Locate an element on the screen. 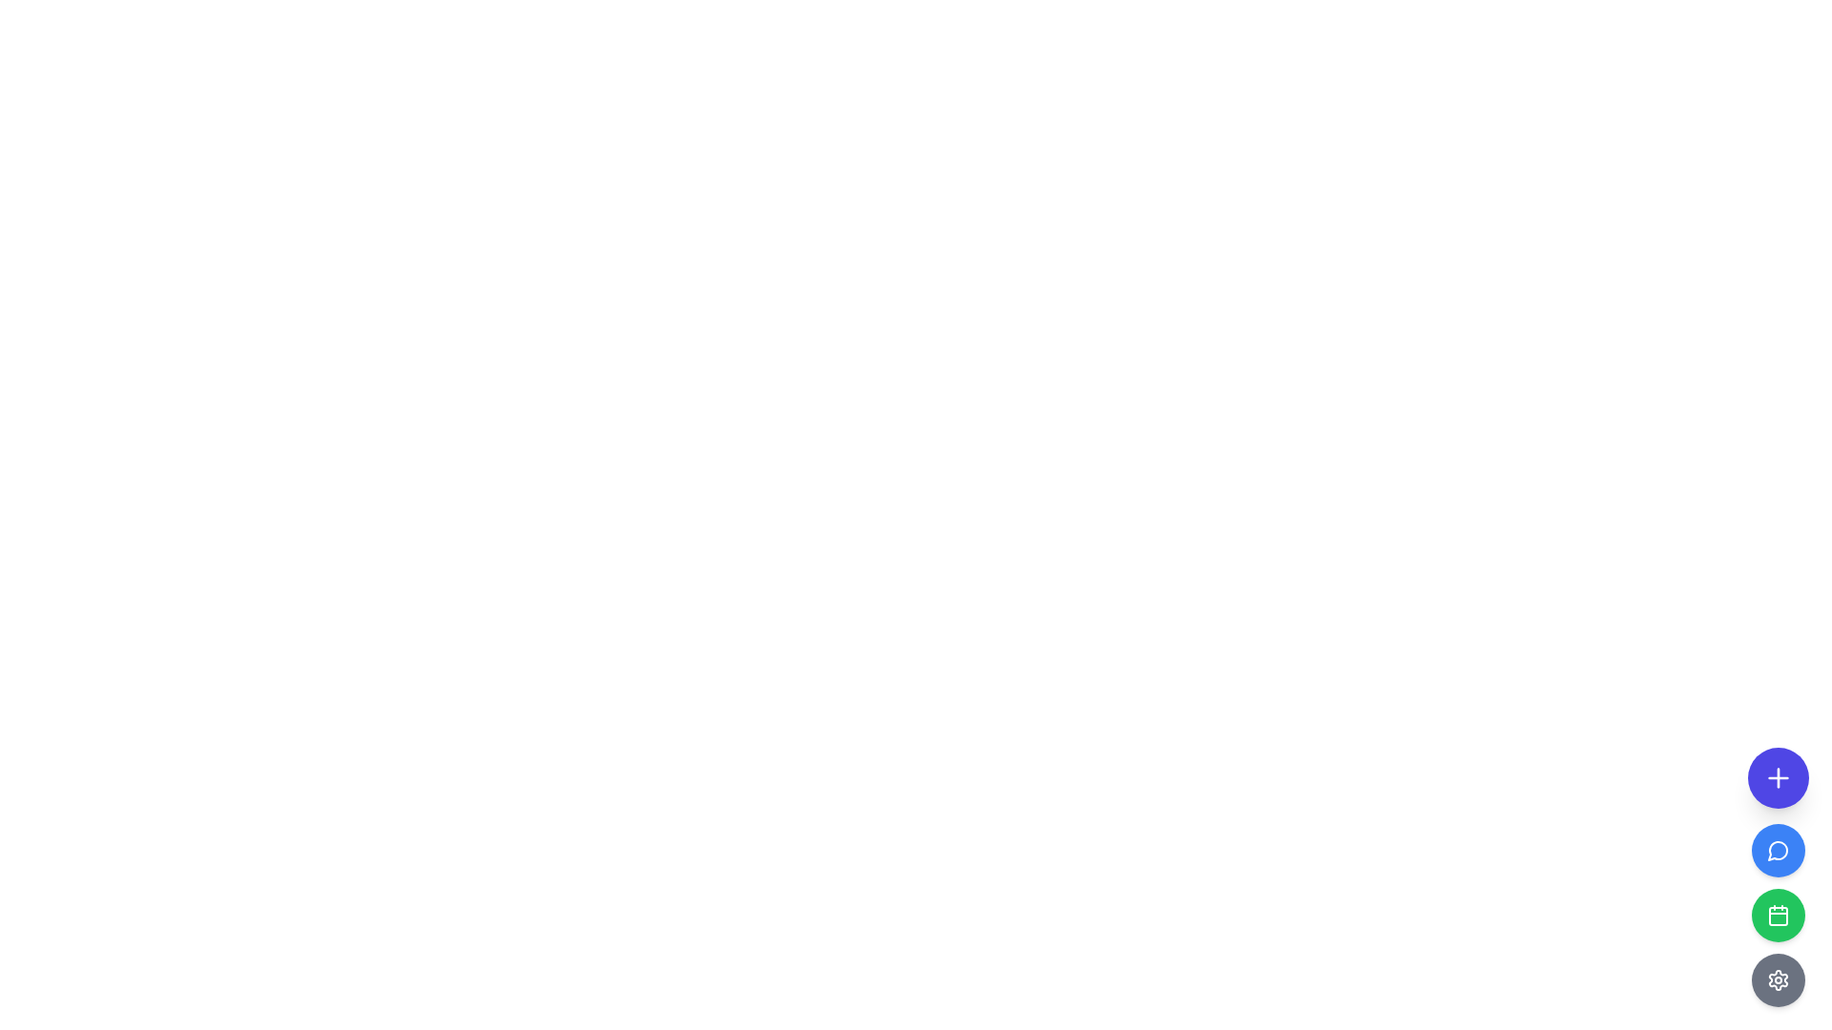 This screenshot has height=1030, width=1832. the calendar icon located within the green circular button, which is the third button in a vertically stacked group of four on the right side of the interface is located at coordinates (1777, 915).